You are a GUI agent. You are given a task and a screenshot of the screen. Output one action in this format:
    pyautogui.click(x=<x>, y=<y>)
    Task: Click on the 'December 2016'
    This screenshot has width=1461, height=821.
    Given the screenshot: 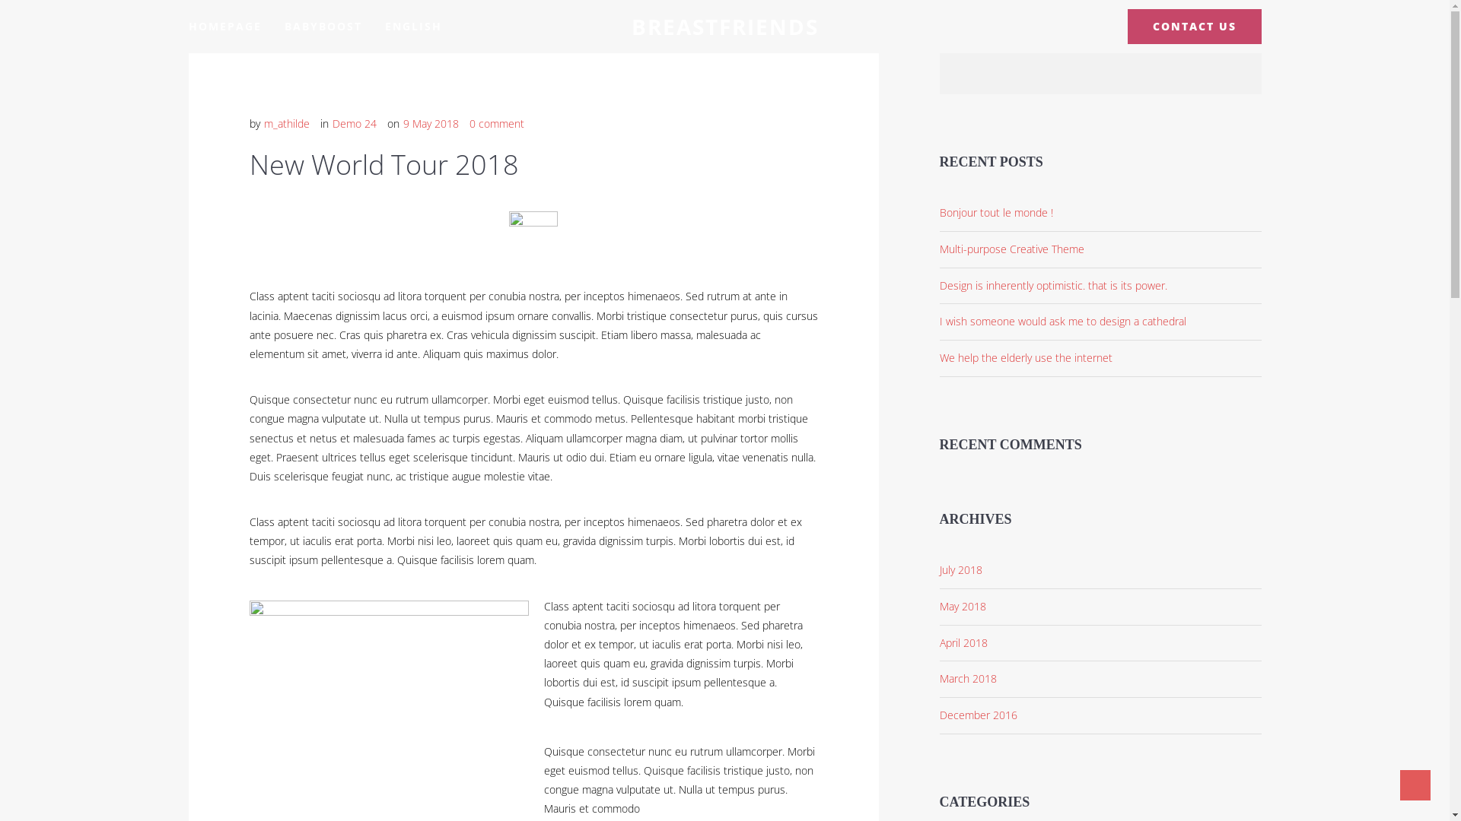 What is the action you would take?
    pyautogui.click(x=1100, y=715)
    